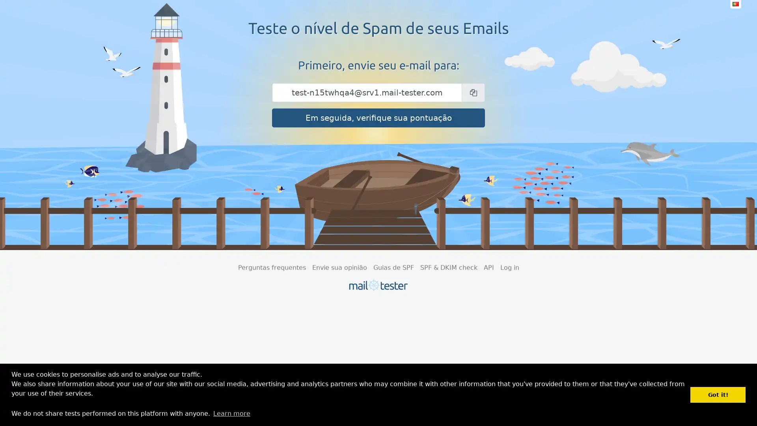 This screenshot has height=426, width=757. Describe the element at coordinates (718, 394) in the screenshot. I see `dismiss cookie message` at that location.